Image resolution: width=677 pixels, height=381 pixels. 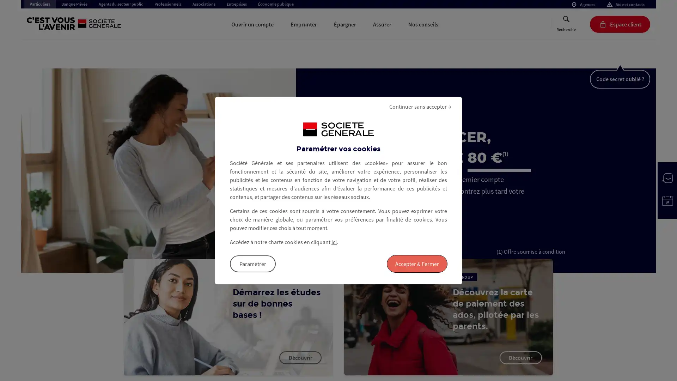 What do you see at coordinates (252, 264) in the screenshot?
I see `Parametrer` at bounding box center [252, 264].